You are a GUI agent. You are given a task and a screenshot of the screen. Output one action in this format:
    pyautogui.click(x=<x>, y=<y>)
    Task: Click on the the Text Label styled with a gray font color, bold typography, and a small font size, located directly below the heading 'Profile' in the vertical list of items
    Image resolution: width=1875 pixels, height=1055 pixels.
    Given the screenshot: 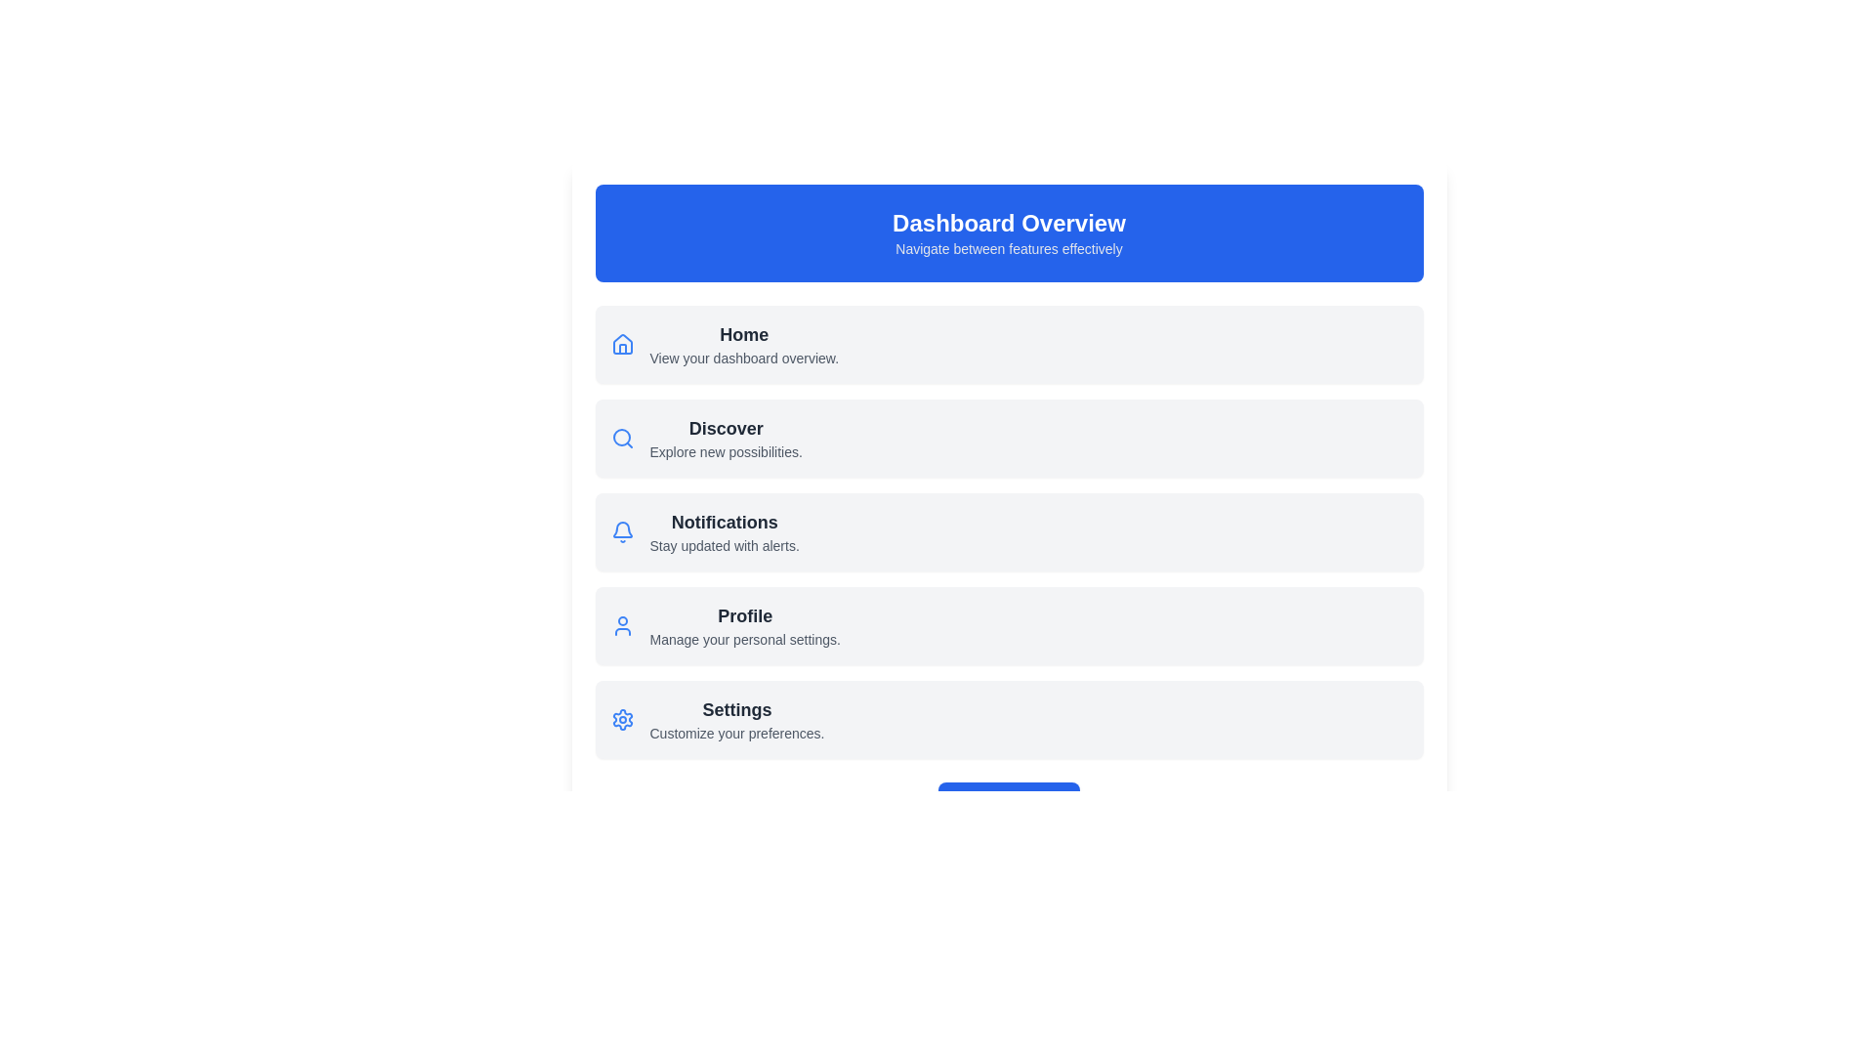 What is the action you would take?
    pyautogui.click(x=744, y=640)
    